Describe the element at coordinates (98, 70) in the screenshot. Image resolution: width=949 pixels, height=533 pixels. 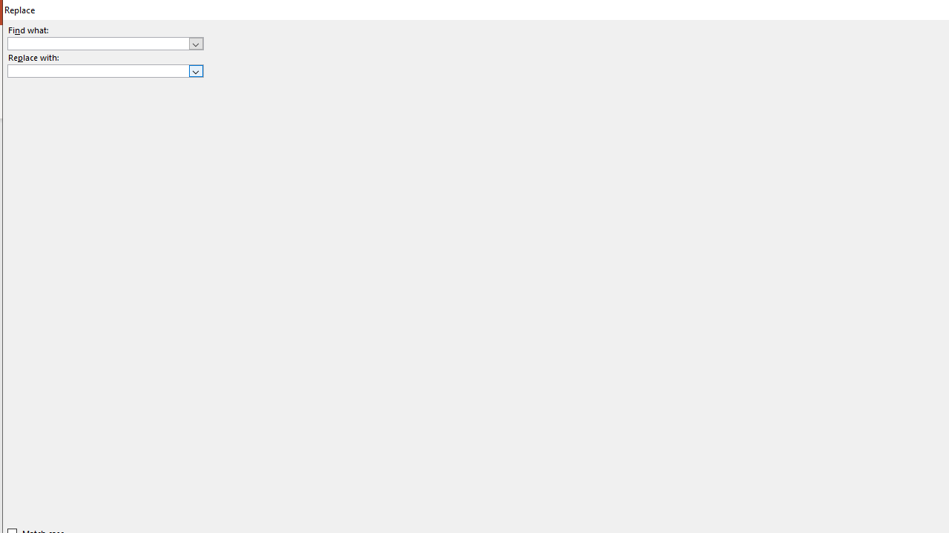
I see `'Replace with'` at that location.